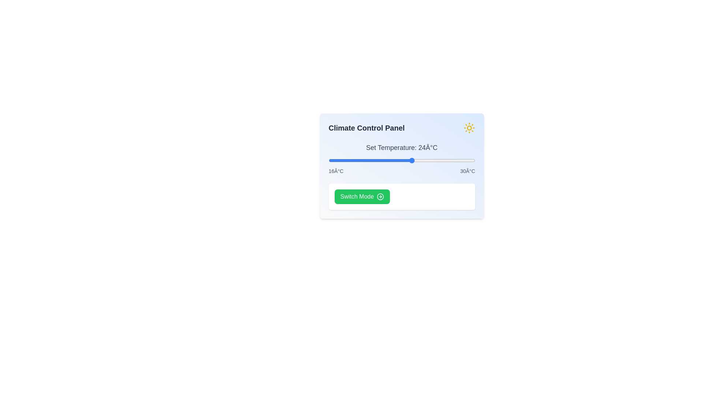  What do you see at coordinates (469, 128) in the screenshot?
I see `the circular yellow and orange sun symbol icon located in the upper right corner of the 'Climate Control Panel' interface` at bounding box center [469, 128].